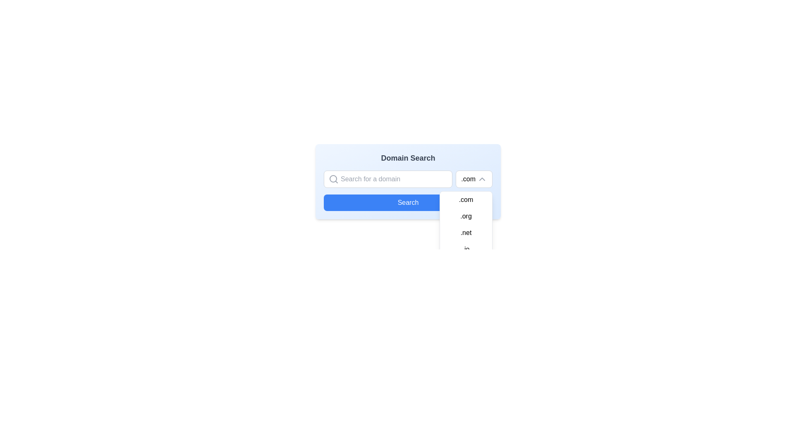 The width and height of the screenshot is (794, 446). Describe the element at coordinates (333, 178) in the screenshot. I see `the SVG circle element that forms the main body of the magnifying-glass icon located to the left of the 'Search for a domain' input field` at that location.